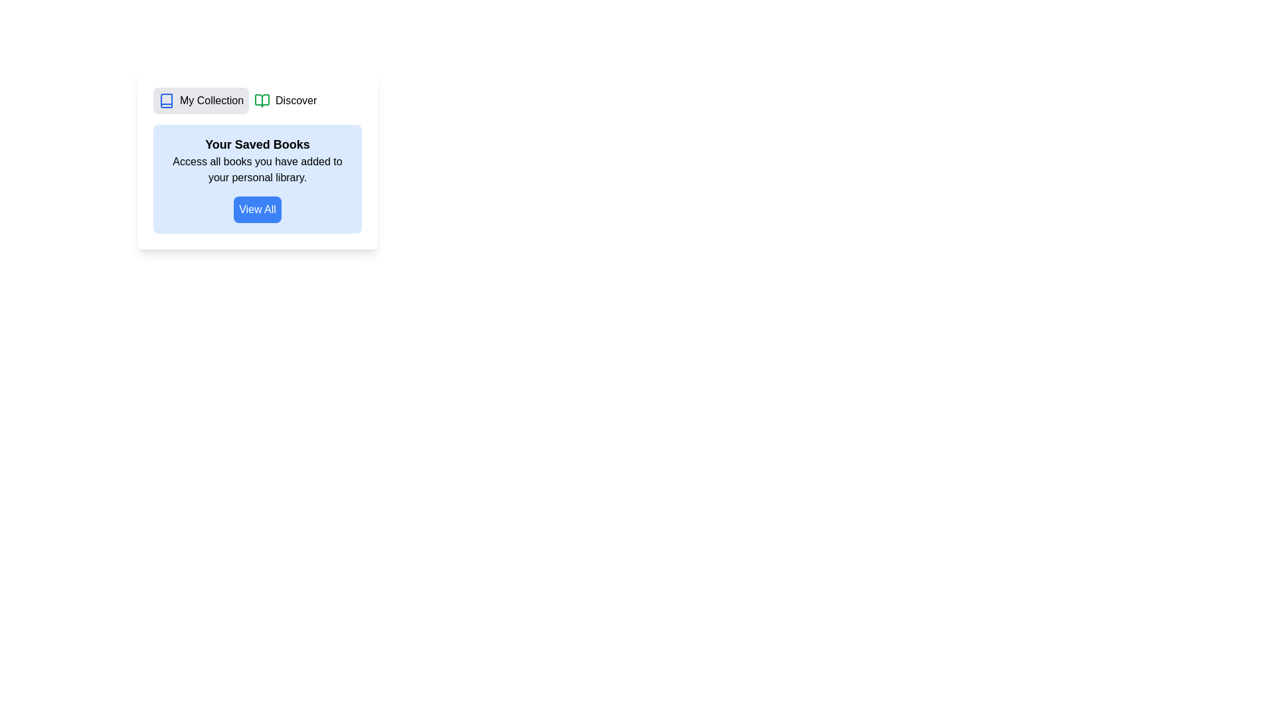 The width and height of the screenshot is (1275, 717). I want to click on the 'View All' button located in the 'Your Saved Books' section, so click(258, 209).